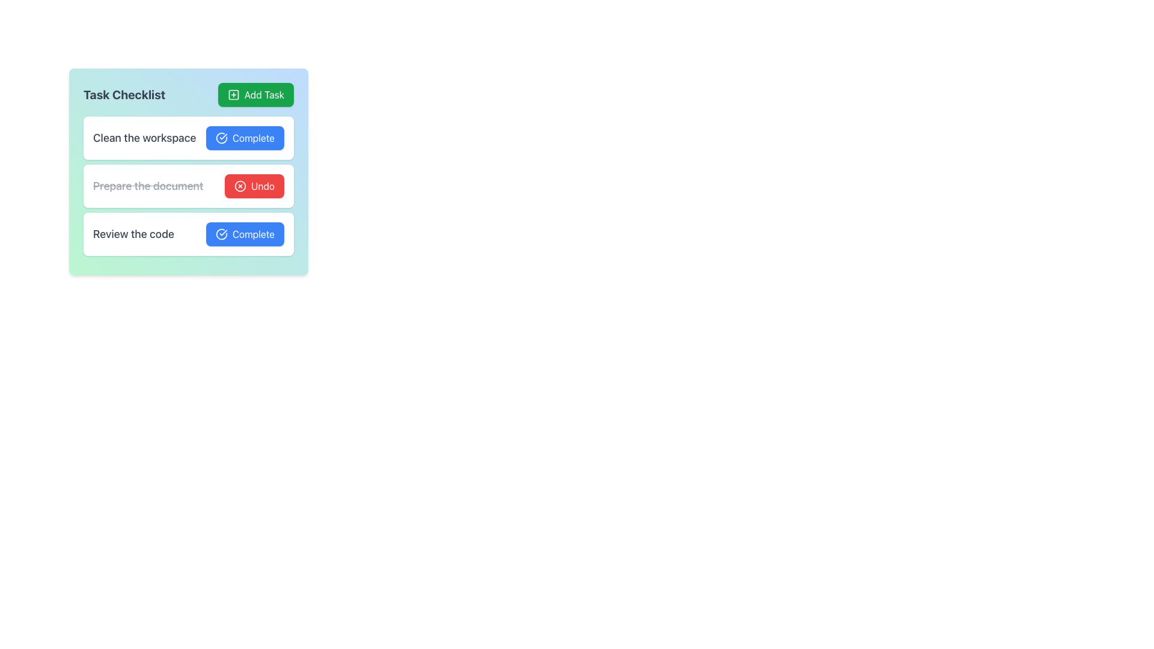  Describe the element at coordinates (255, 94) in the screenshot. I see `the 'Add Task' button located at the top-right corner of the 'Task Checklist' section` at that location.